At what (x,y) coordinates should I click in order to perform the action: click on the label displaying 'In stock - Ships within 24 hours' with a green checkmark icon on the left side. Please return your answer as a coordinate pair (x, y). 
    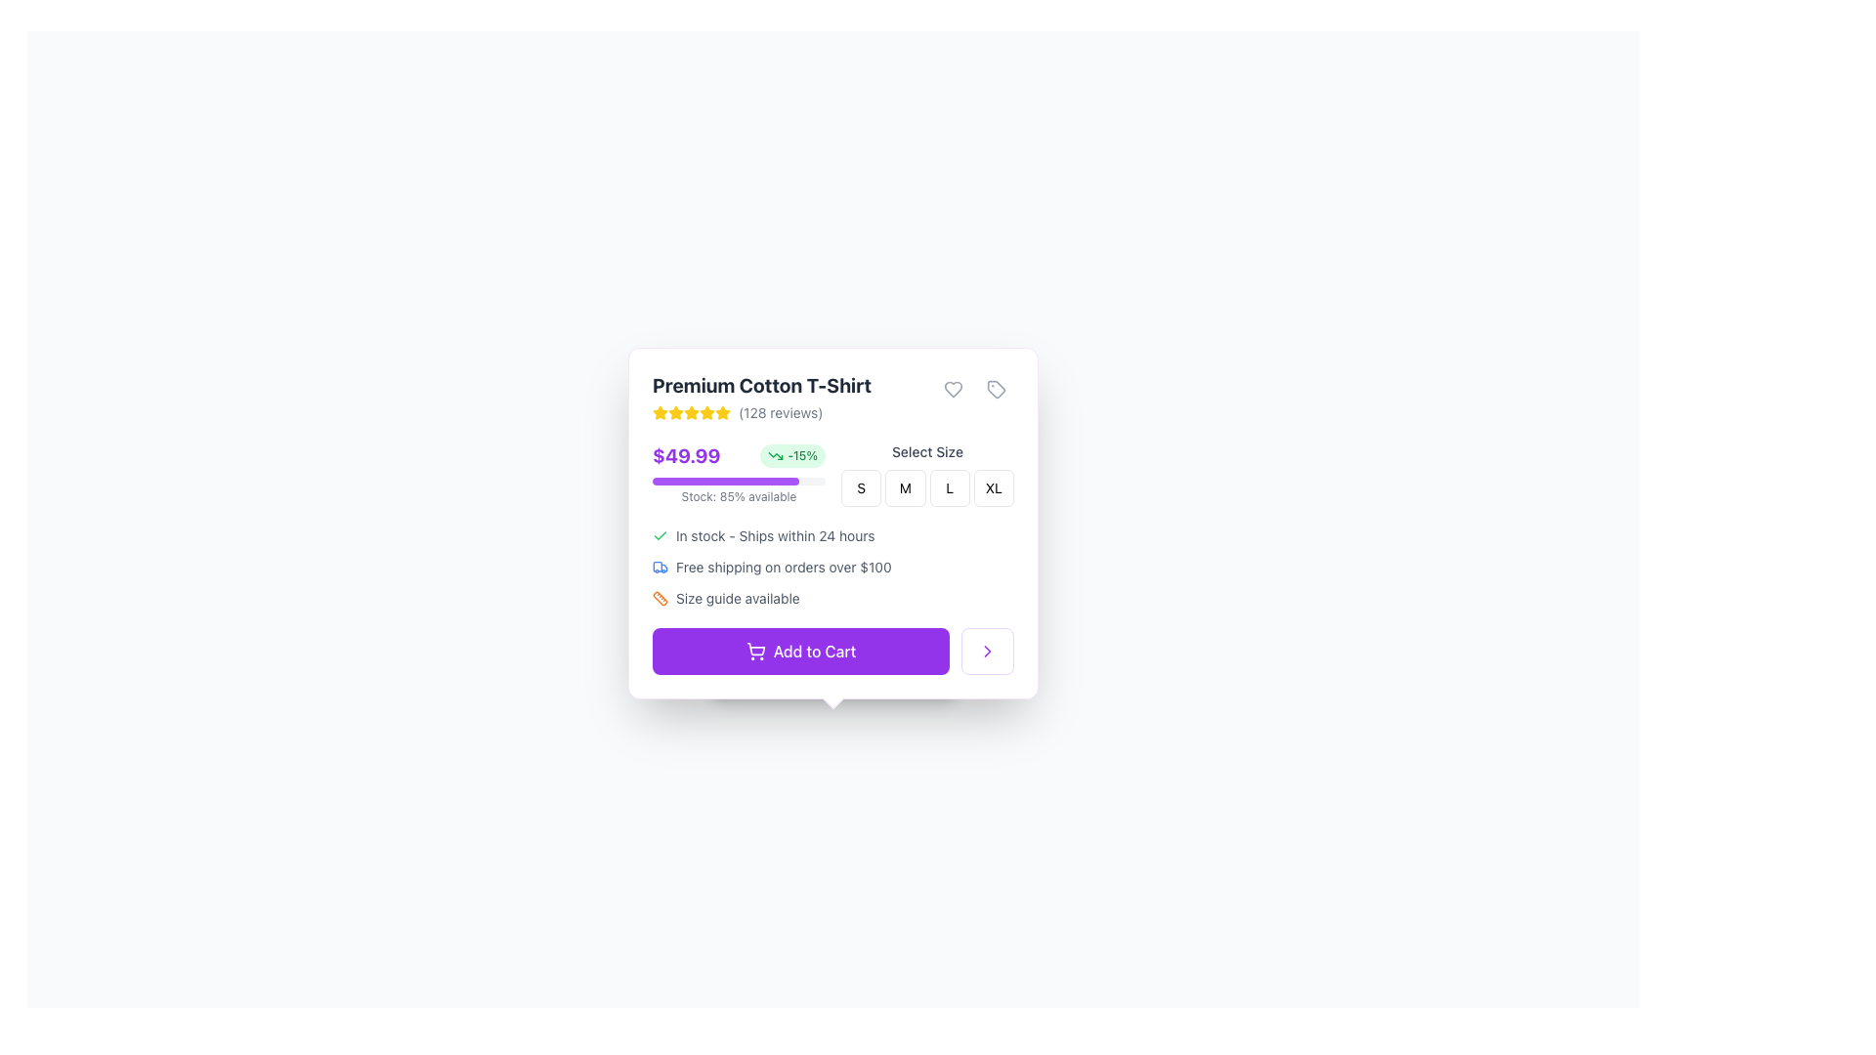
    Looking at the image, I should click on (833, 535).